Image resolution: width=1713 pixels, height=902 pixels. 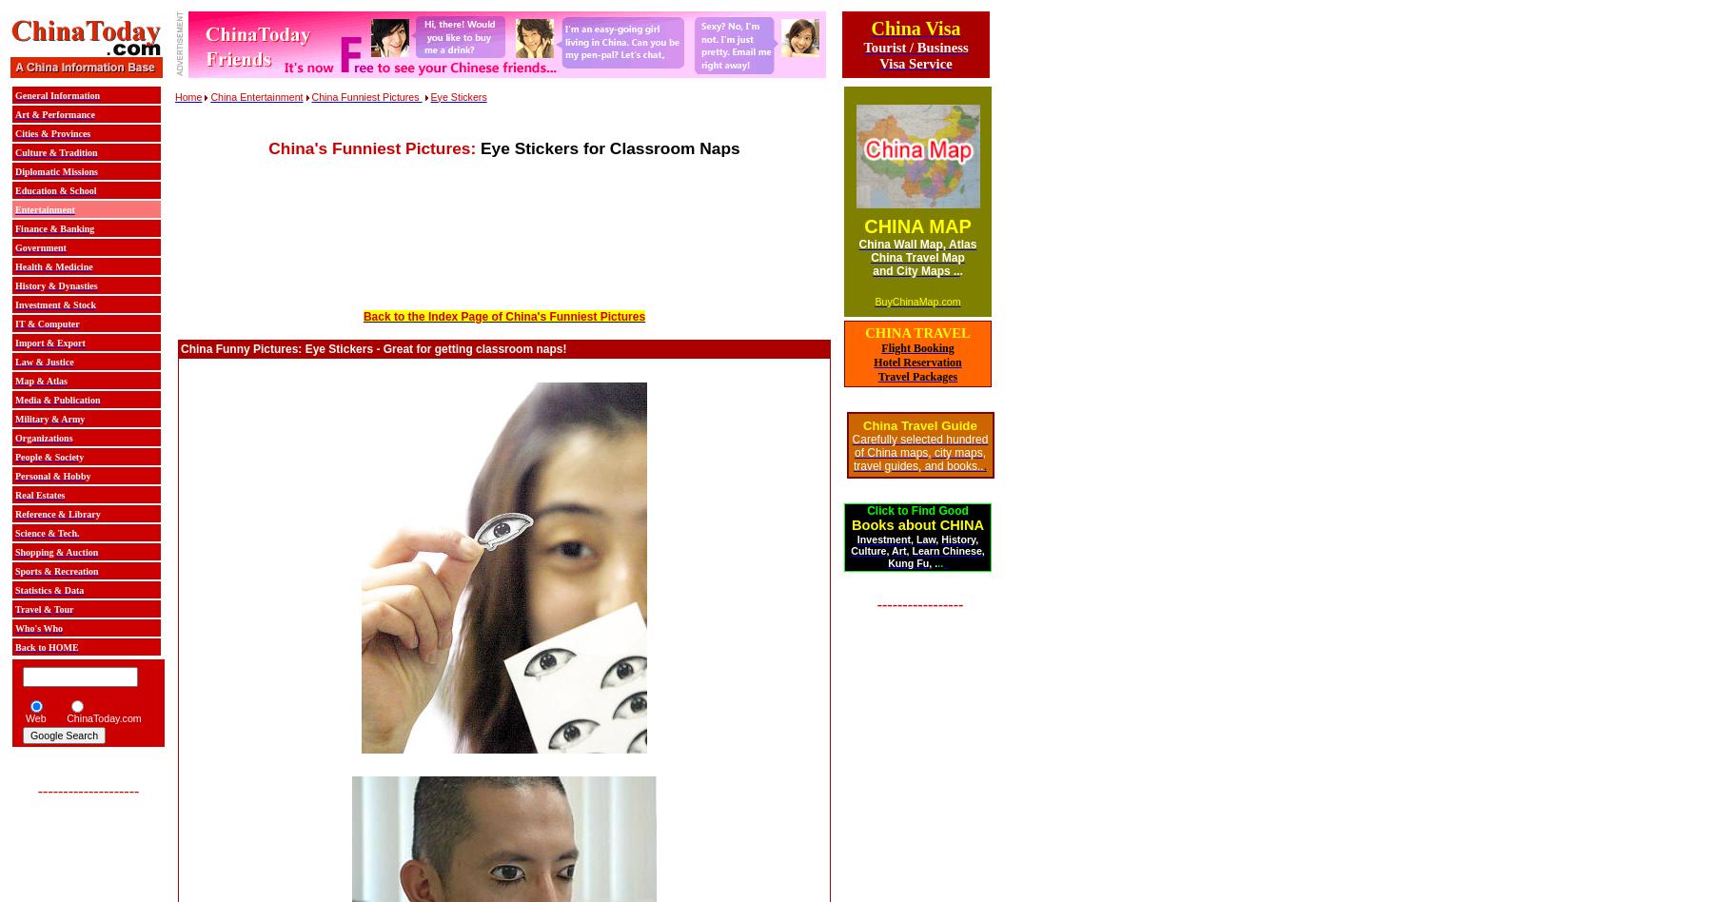 What do you see at coordinates (39, 246) in the screenshot?
I see `'Government'` at bounding box center [39, 246].